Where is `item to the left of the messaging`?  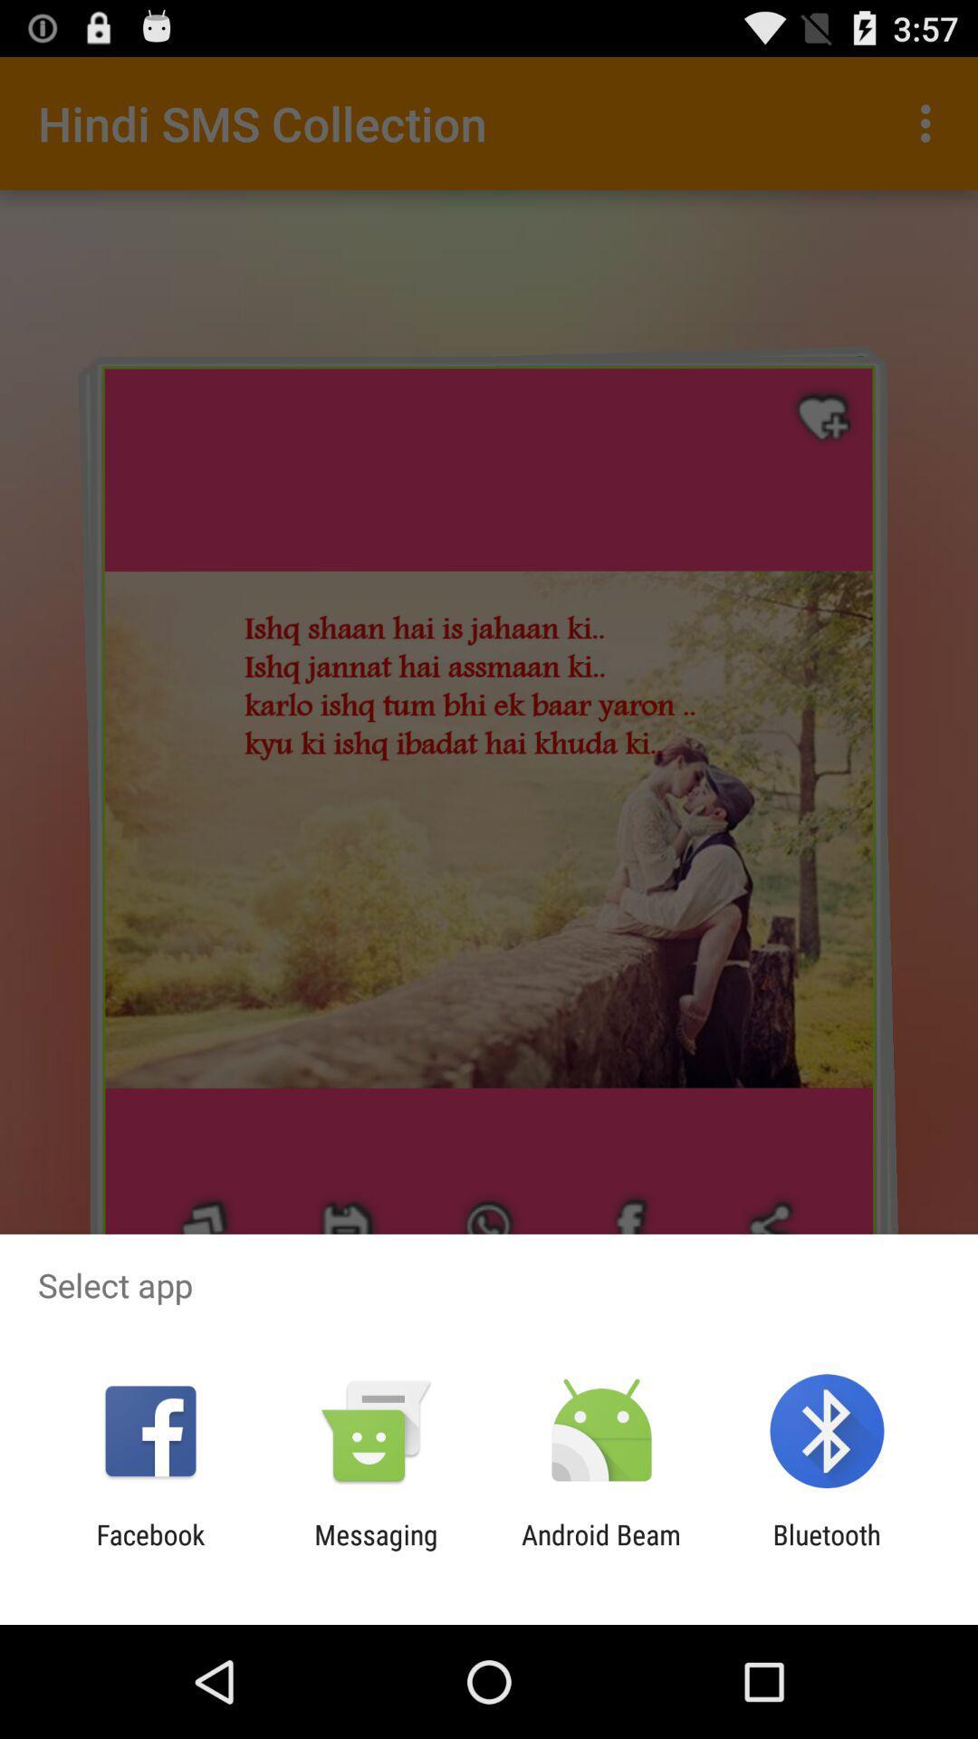 item to the left of the messaging is located at coordinates (149, 1550).